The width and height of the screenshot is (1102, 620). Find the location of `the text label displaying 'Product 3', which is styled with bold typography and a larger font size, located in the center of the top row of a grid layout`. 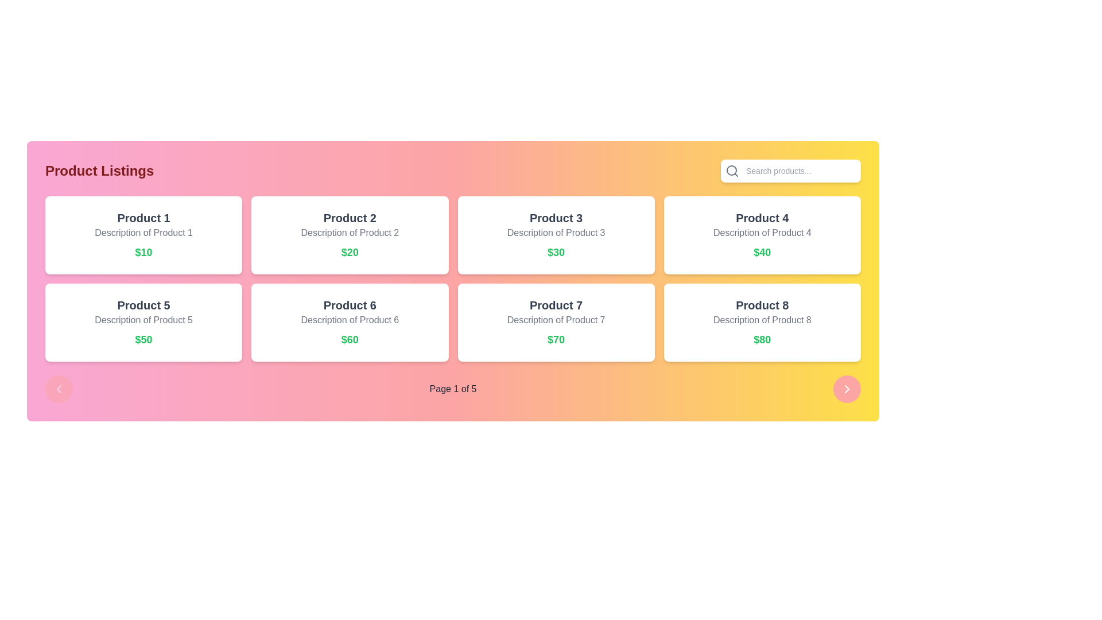

the text label displaying 'Product 3', which is styled with bold typography and a larger font size, located in the center of the top row of a grid layout is located at coordinates (556, 218).